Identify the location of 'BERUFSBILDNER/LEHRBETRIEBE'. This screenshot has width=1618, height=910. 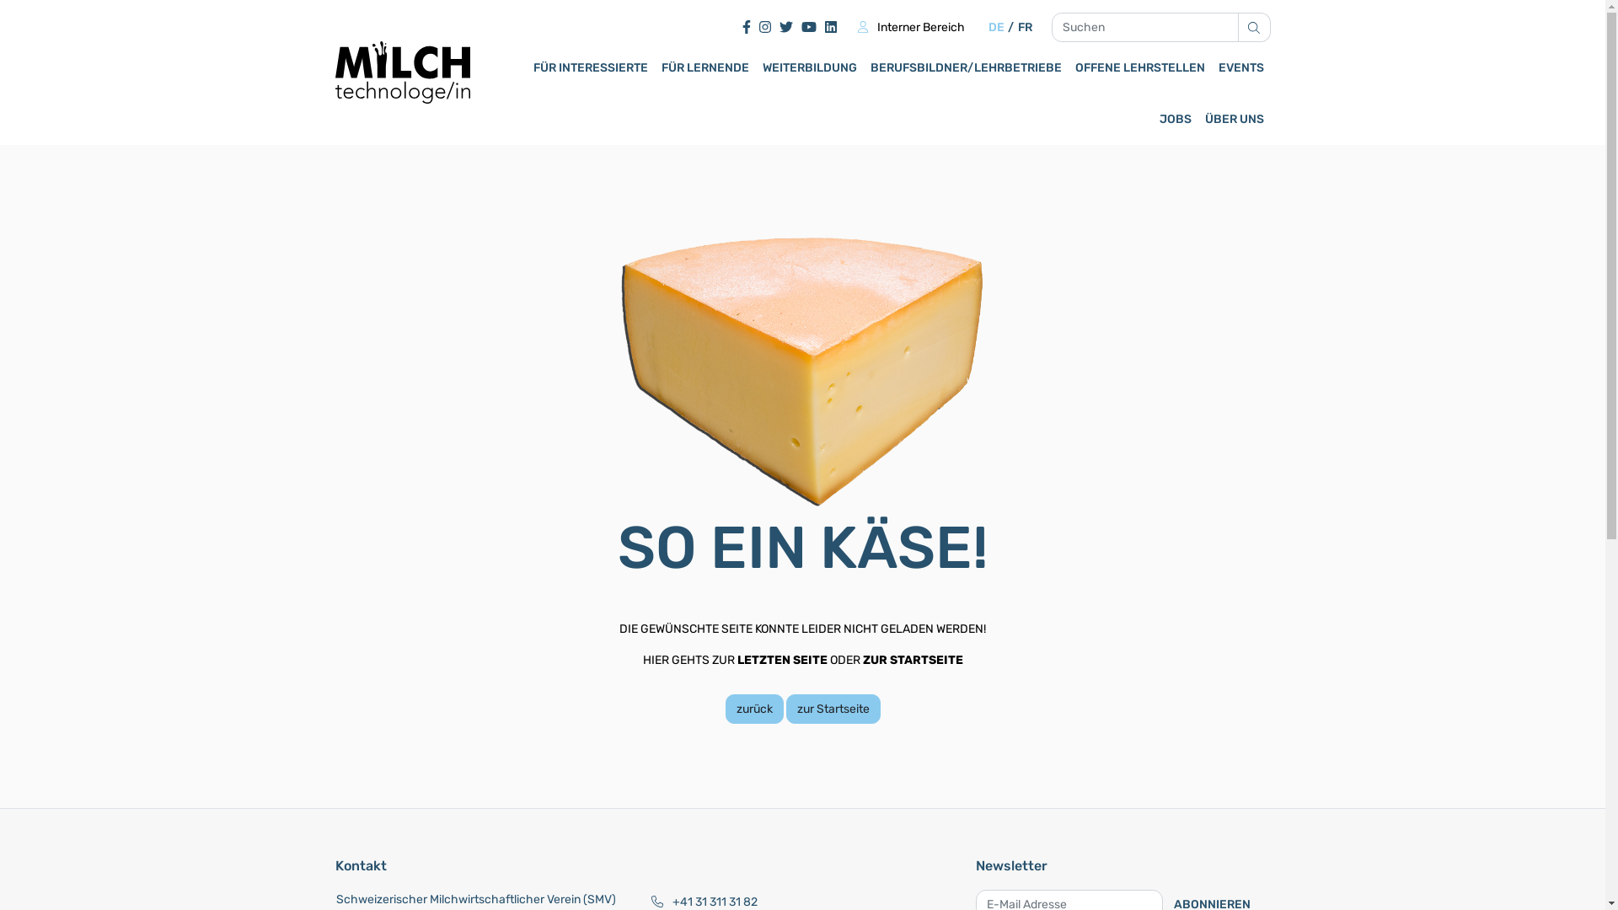
(965, 67).